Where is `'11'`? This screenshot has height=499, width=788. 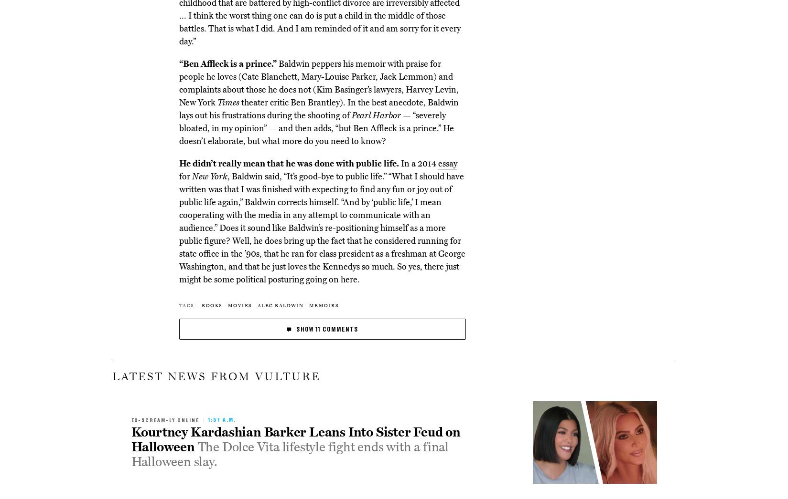 '11' is located at coordinates (318, 329).